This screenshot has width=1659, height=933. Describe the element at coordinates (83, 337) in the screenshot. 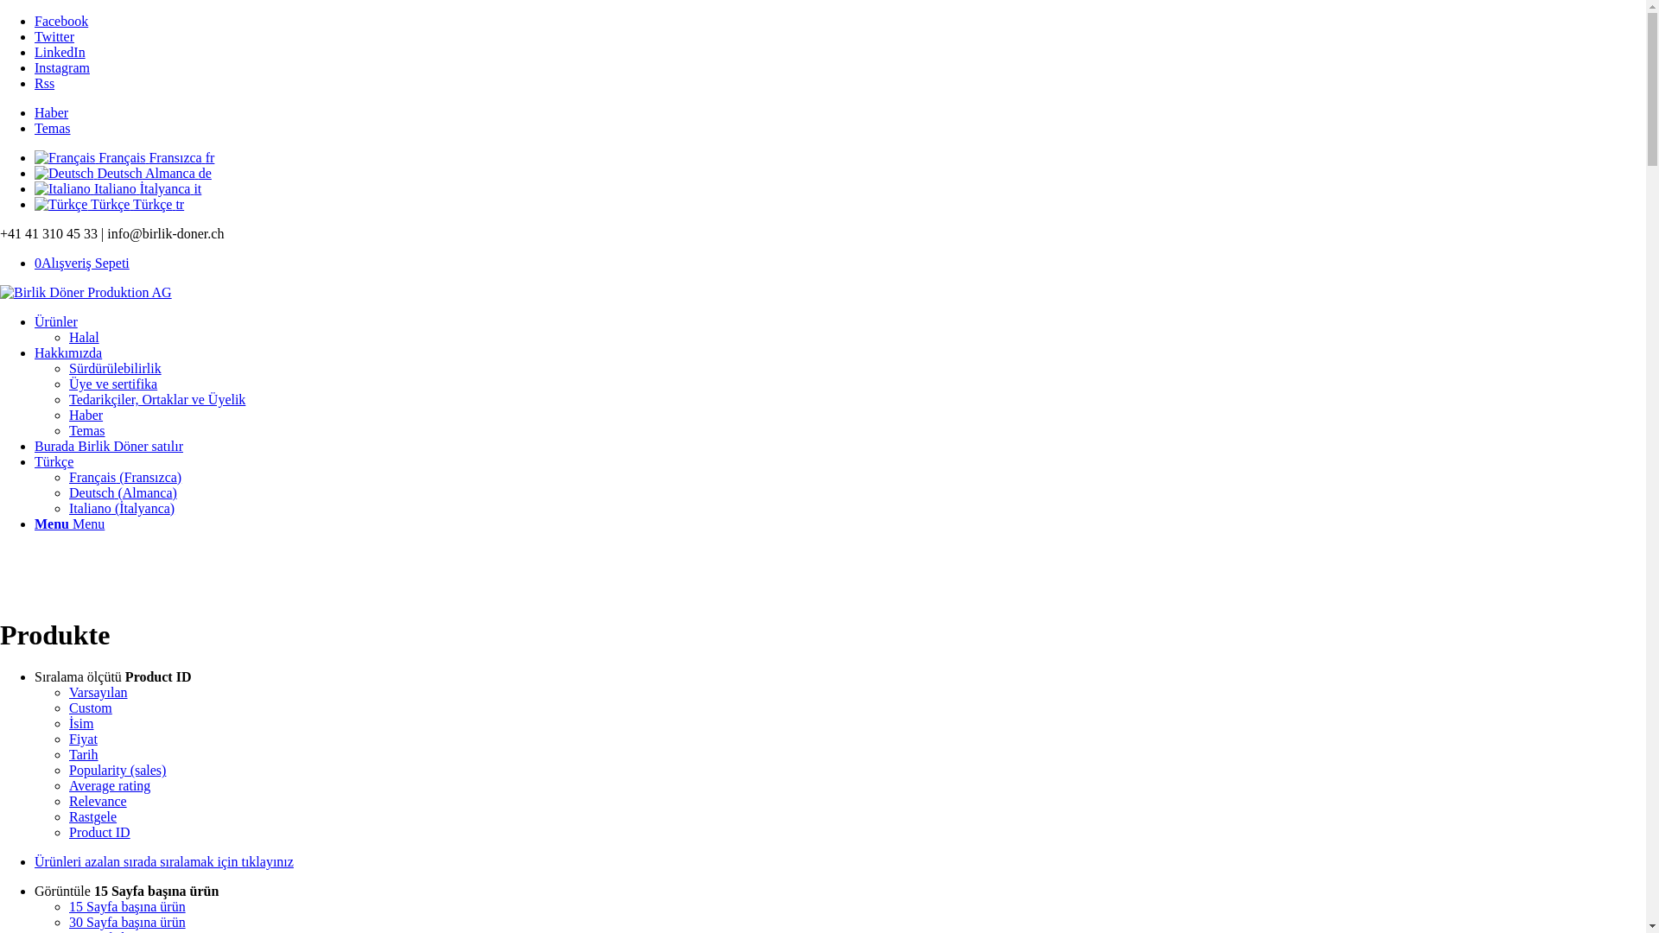

I see `'Halal'` at that location.